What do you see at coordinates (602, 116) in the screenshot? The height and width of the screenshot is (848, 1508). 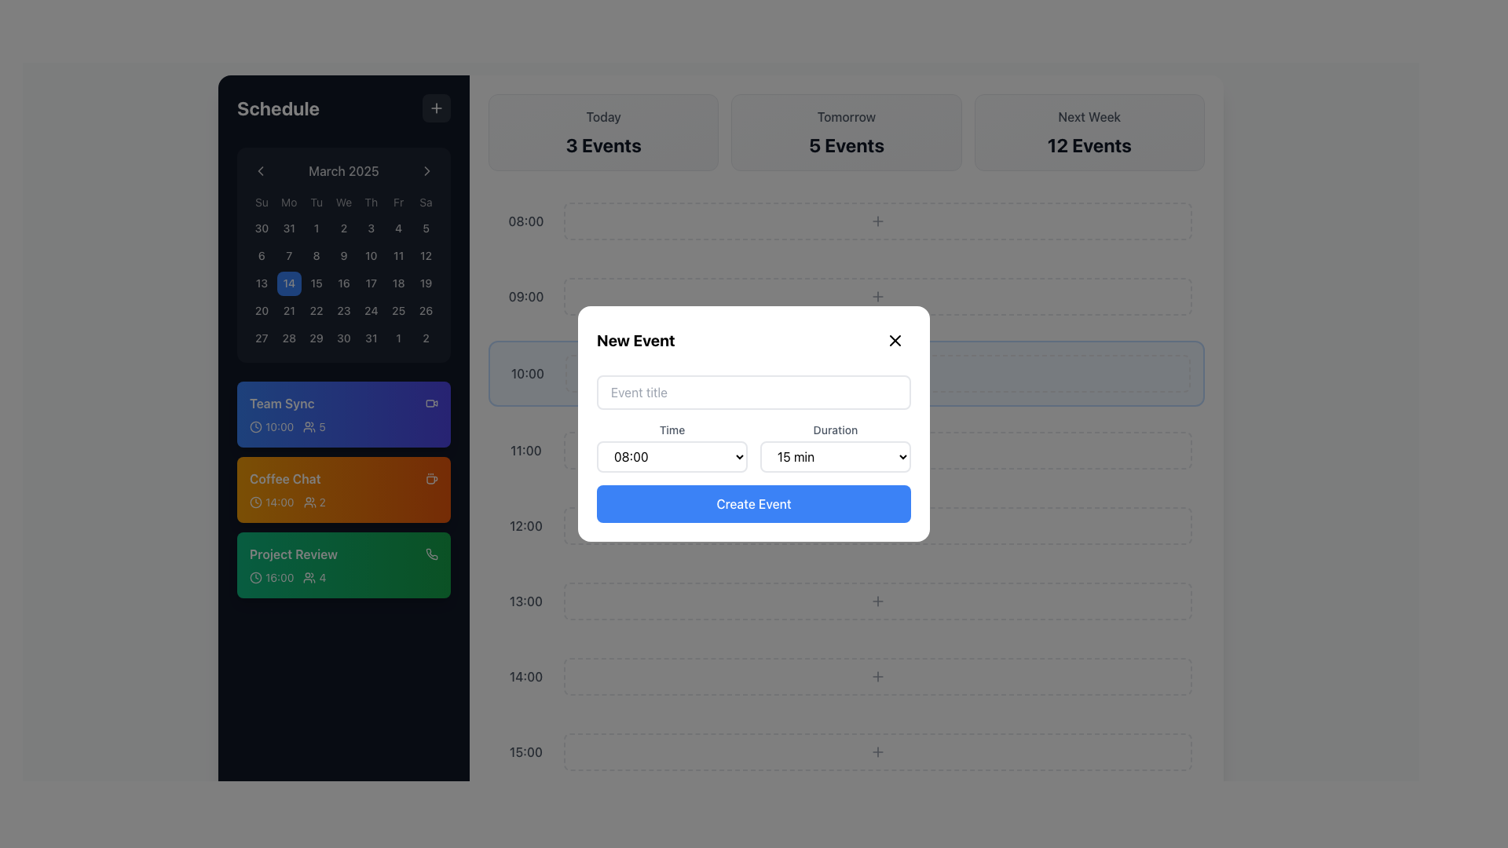 I see `the informational header Text Label indicating scheduled events for 'Today', located at the top center of the schedule section` at bounding box center [602, 116].